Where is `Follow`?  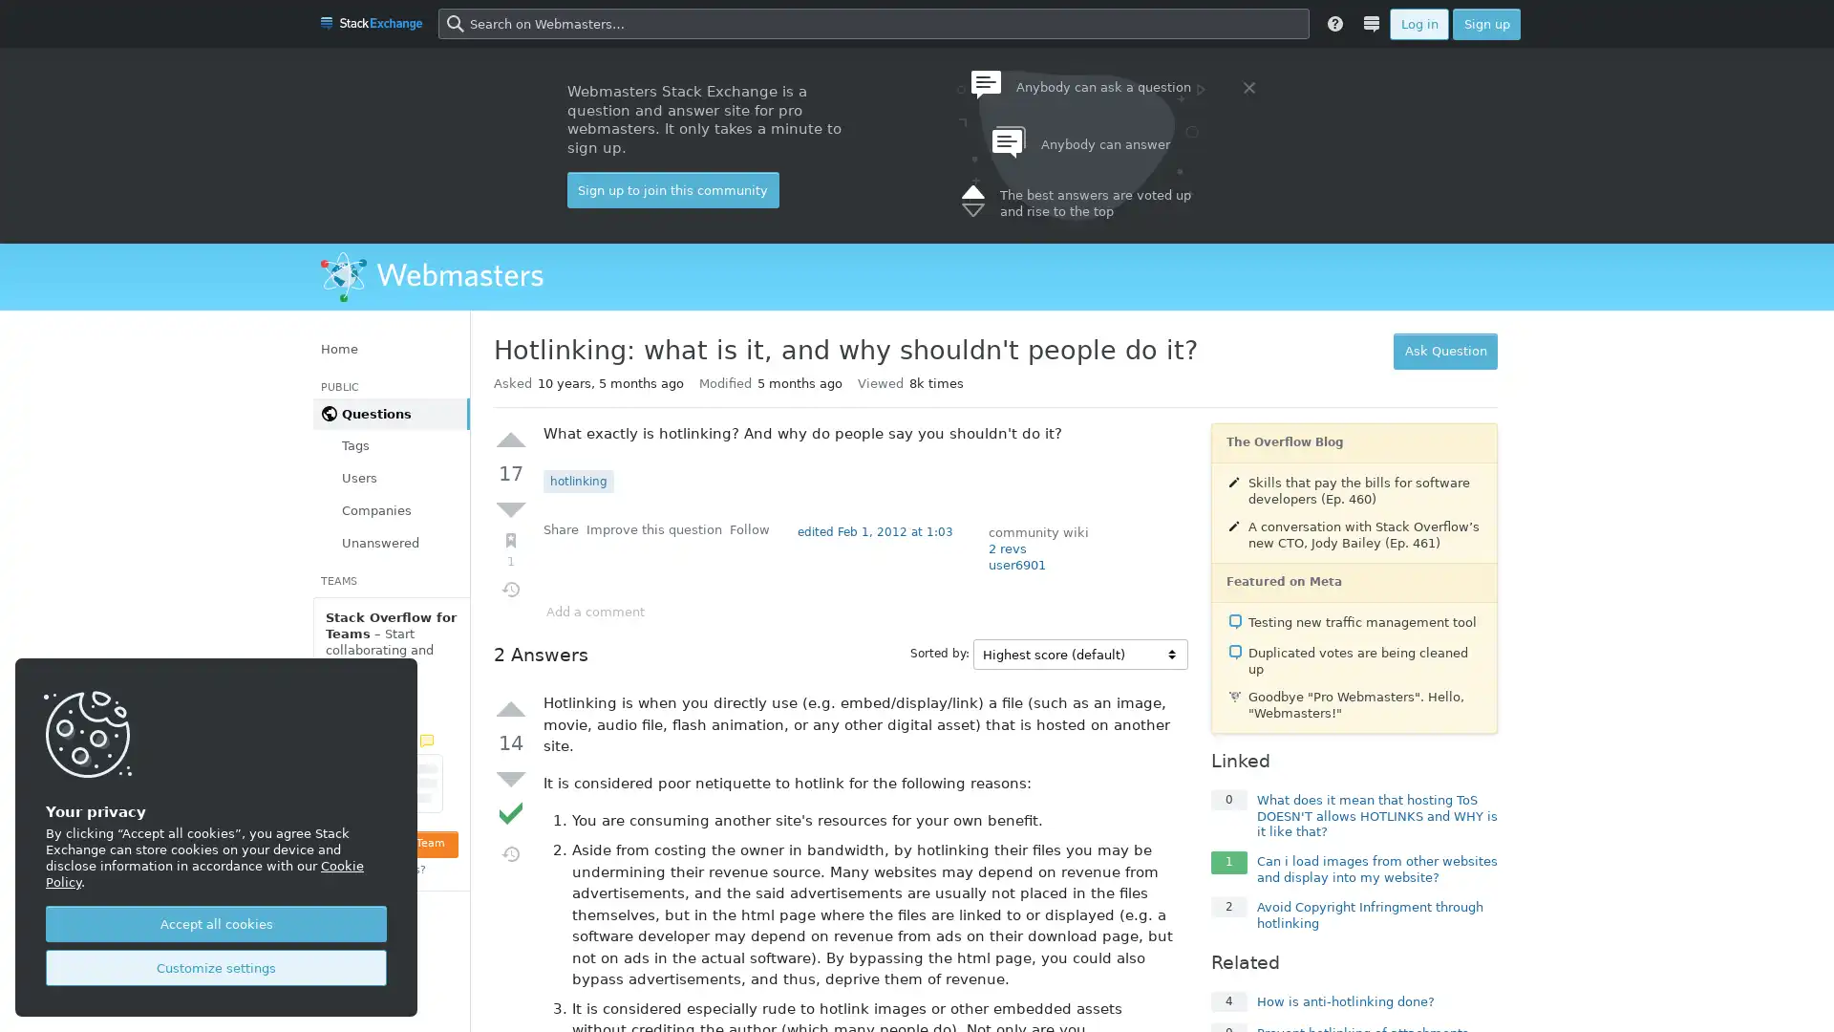
Follow is located at coordinates (749, 528).